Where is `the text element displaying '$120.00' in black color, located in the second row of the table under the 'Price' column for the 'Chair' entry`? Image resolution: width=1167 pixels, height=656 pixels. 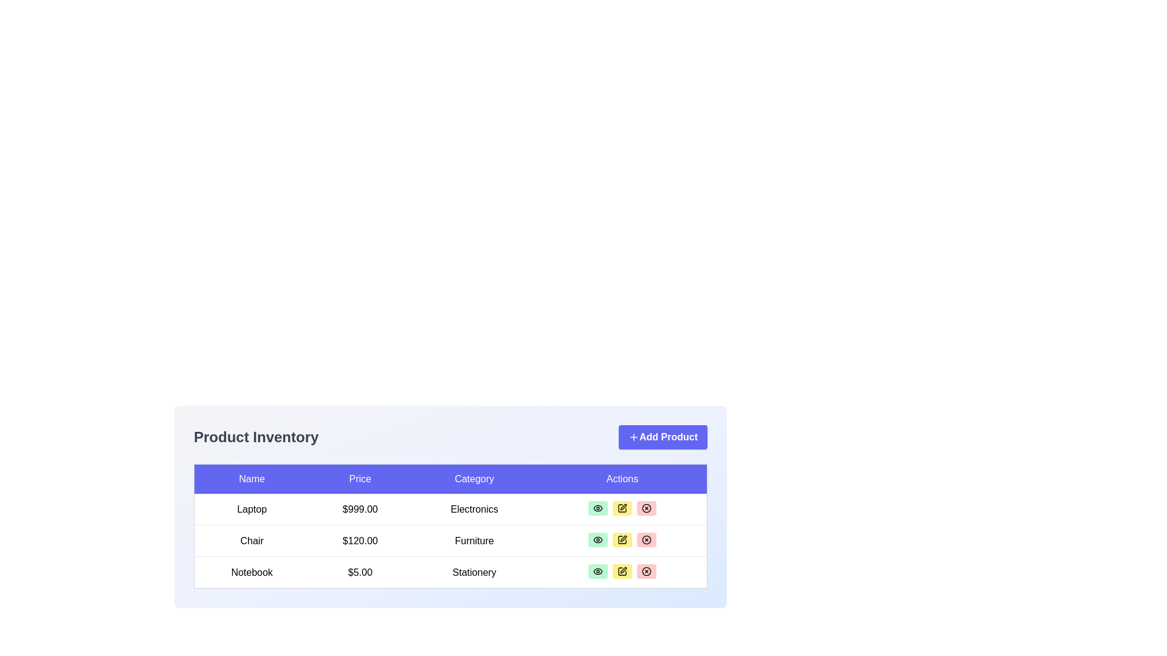 the text element displaying '$120.00' in black color, located in the second row of the table under the 'Price' column for the 'Chair' entry is located at coordinates (359, 540).